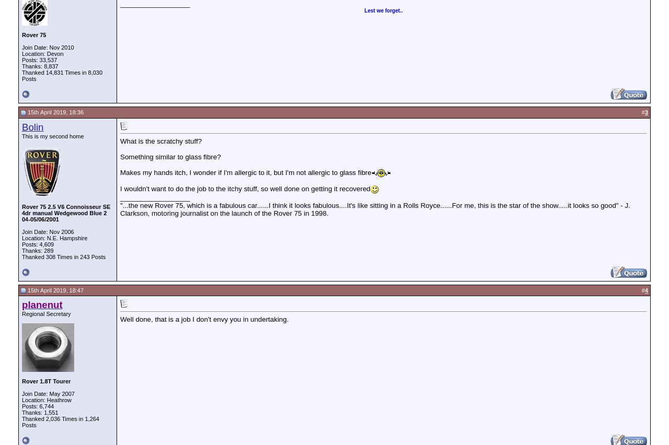  What do you see at coordinates (375, 209) in the screenshot?
I see `'"...the new Rover 75, which is a fabulous car......I think it looks fabulous....It's like sitting in a Rolls Royce......For me, this is the star of the show.....it looks so good" - J. Clarkson, motoring journalist on the launch of the Rover 75 in 1998.'` at bounding box center [375, 209].